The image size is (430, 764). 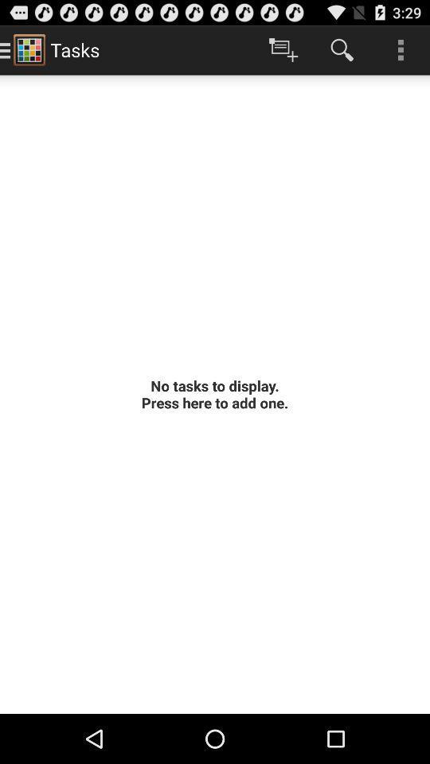 What do you see at coordinates (215, 393) in the screenshot?
I see `the no tasks to` at bounding box center [215, 393].